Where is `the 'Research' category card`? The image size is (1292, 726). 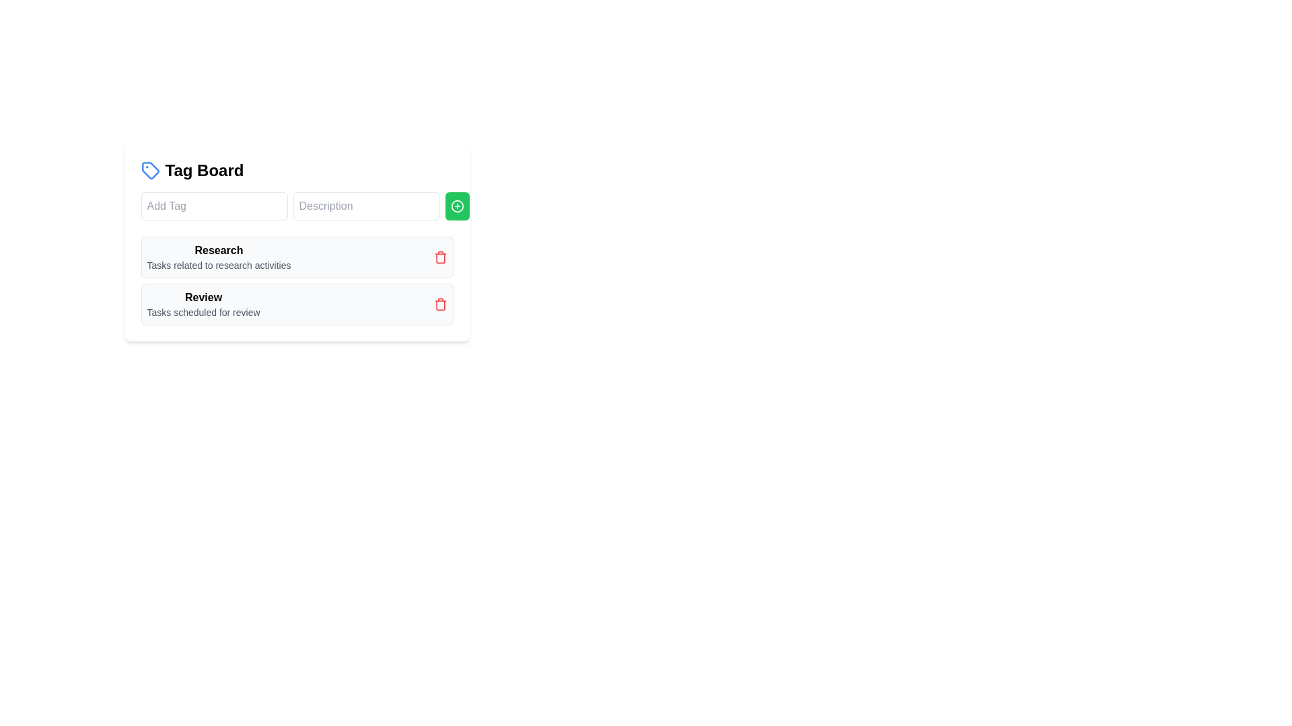
the 'Research' category card is located at coordinates (296, 280).